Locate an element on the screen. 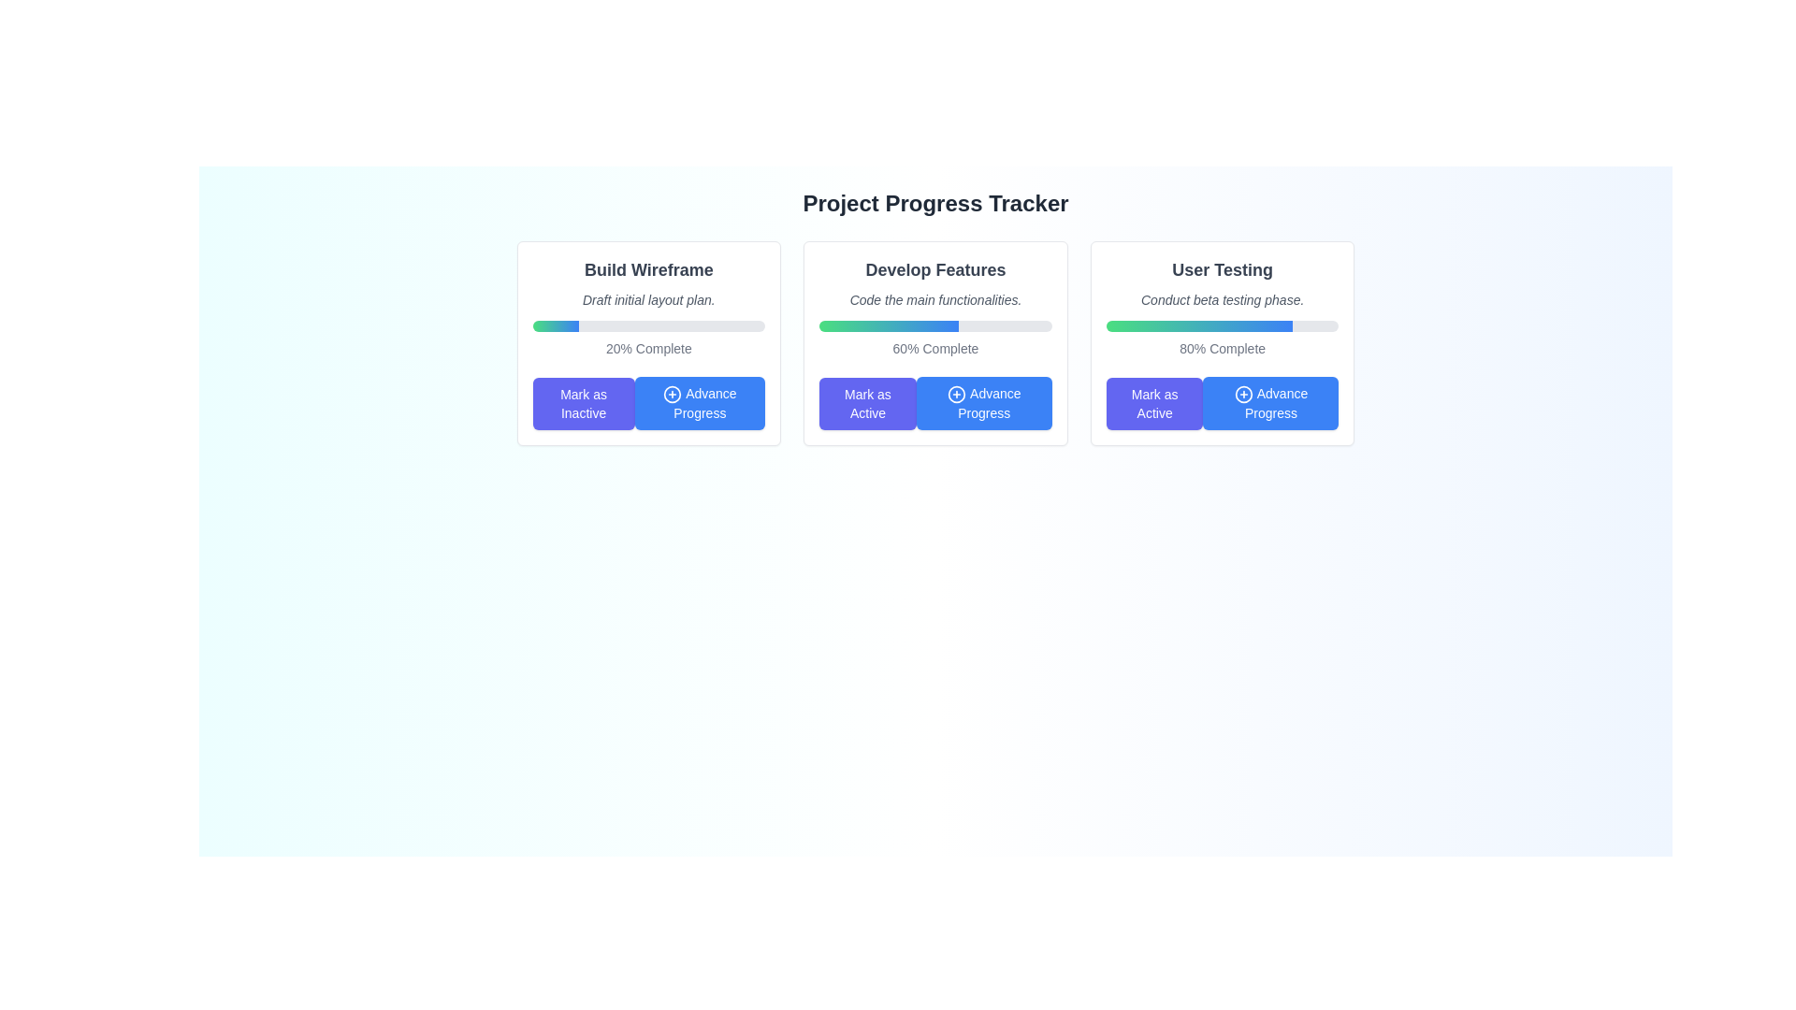 The width and height of the screenshot is (1796, 1010). the progress tracker card for the task 'Develop Features', which includes a text display, a progress bar, and interactive buttons, located centrally in a three-column layout is located at coordinates (935, 343).